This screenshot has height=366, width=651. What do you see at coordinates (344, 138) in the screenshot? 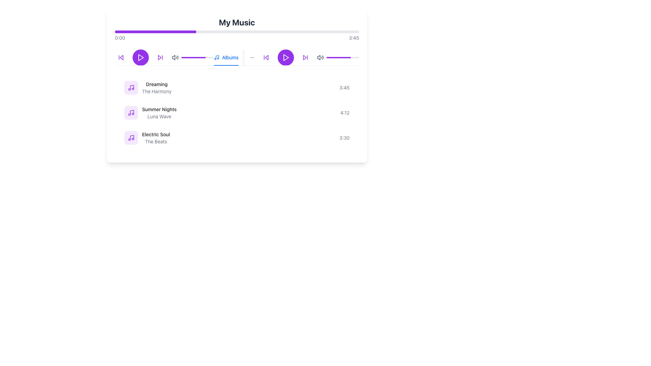
I see `the static text label displaying the time duration '3:30' for the song 'Electric Soul' by 'The Beats', located at the right end of the row` at bounding box center [344, 138].